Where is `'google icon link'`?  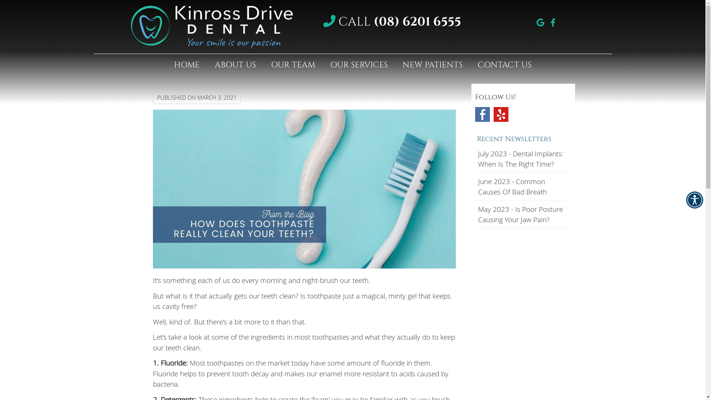 'google icon link' is located at coordinates (540, 21).